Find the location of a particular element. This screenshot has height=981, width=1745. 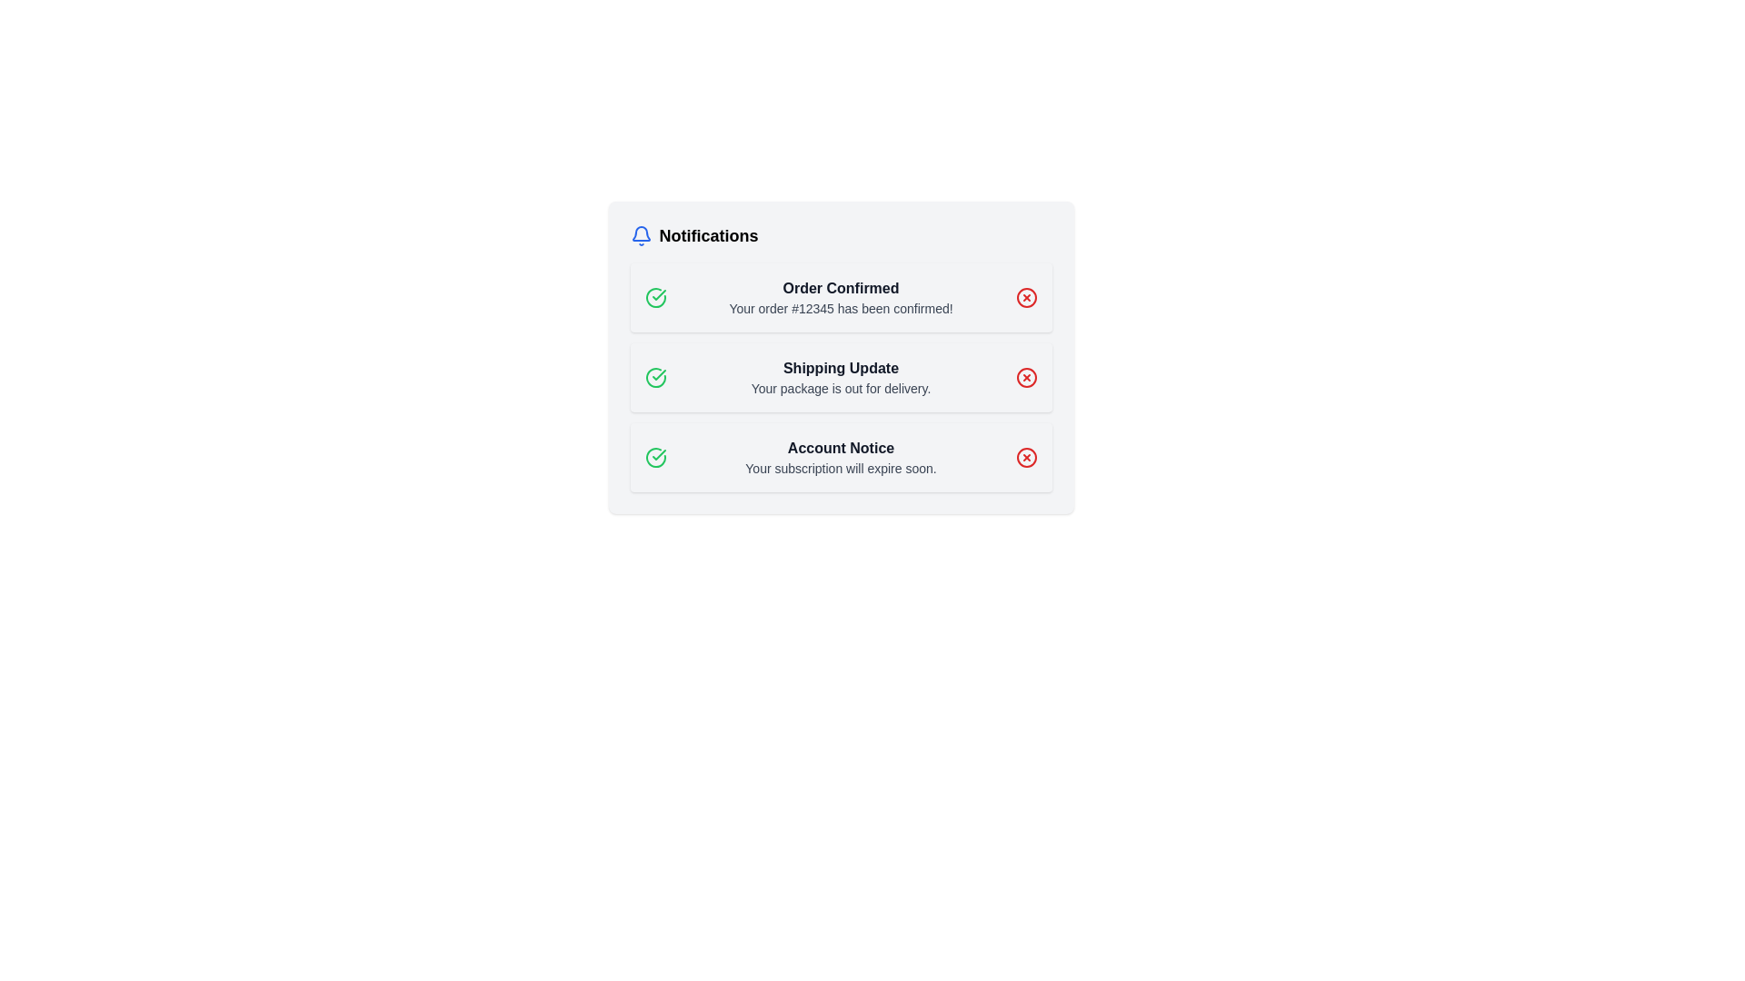

the non-interactive display text element that provides additional information about the shipping update, located in the second card of the notifications panel, below the 'Shipping Update' text is located at coordinates (840, 388).